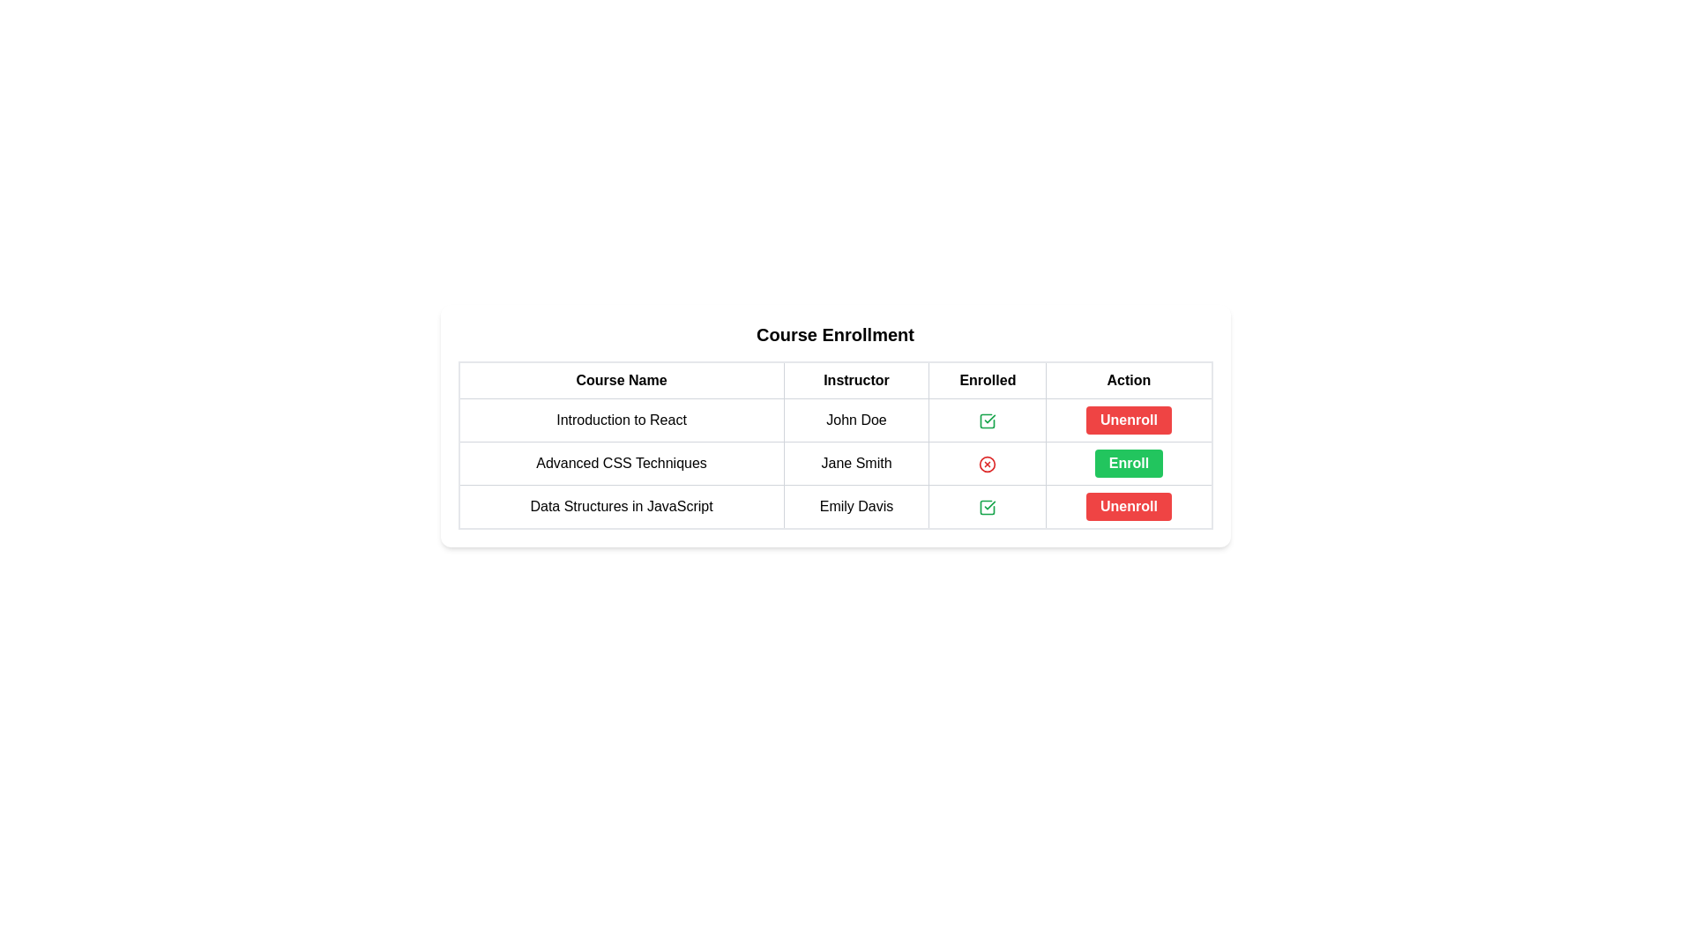  Describe the element at coordinates (988, 507) in the screenshot. I see `the 'Enrolled' status indicator for the 'Data Structures in JavaScript' course entry, located in the third row of the table, adjacent to the 'Unenroll' button and the instructor 'Emily Davis'` at that location.